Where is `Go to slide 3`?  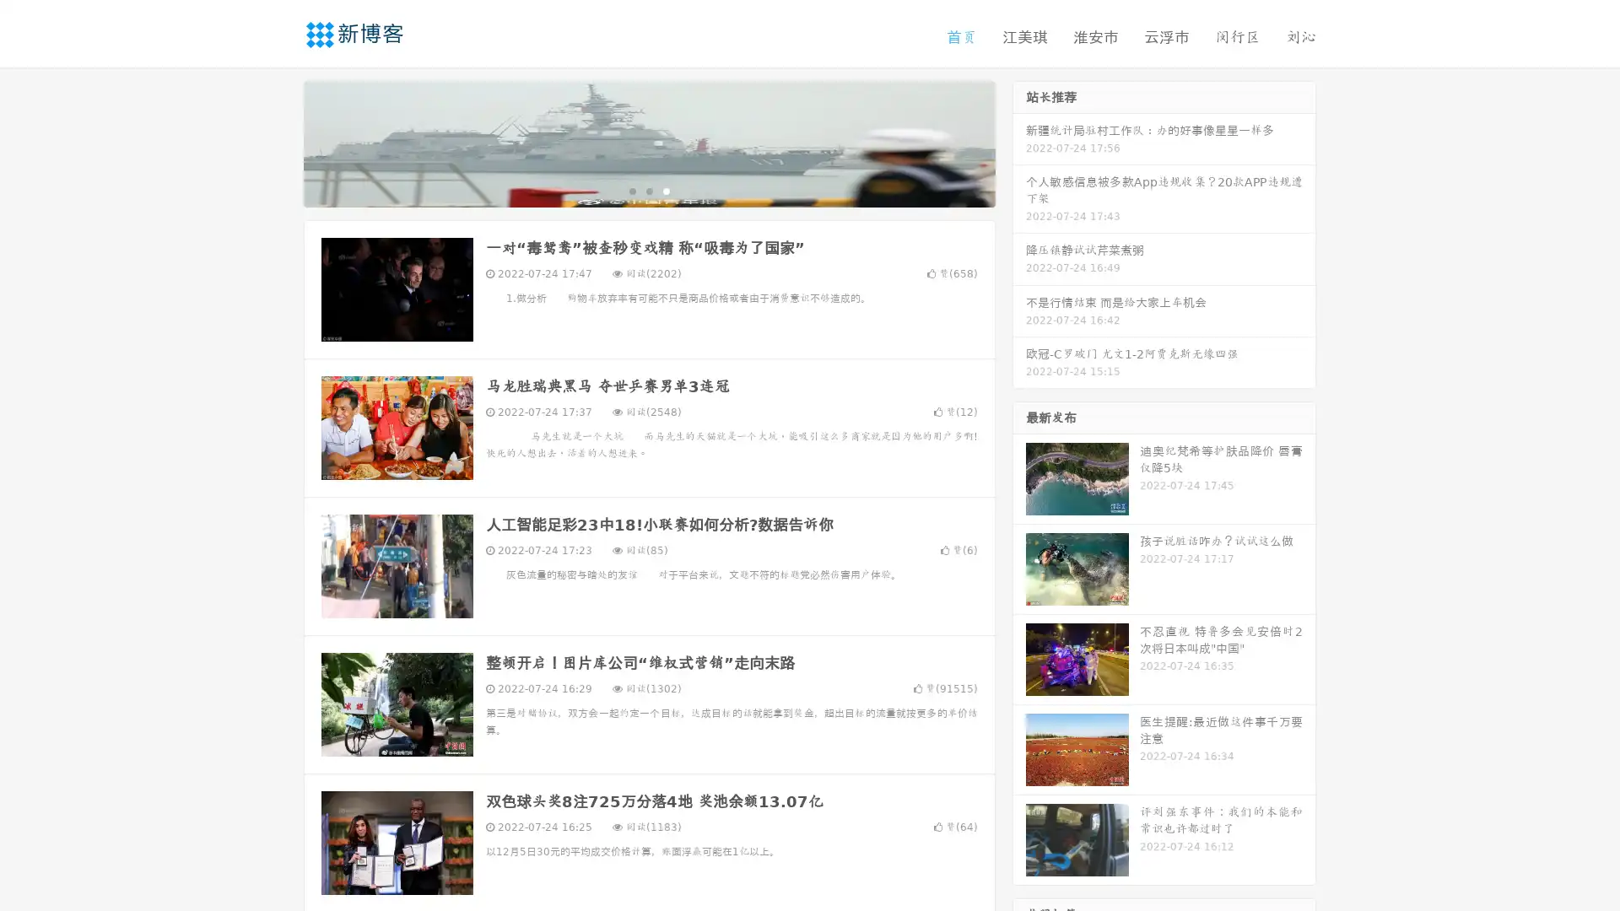 Go to slide 3 is located at coordinates (666, 190).